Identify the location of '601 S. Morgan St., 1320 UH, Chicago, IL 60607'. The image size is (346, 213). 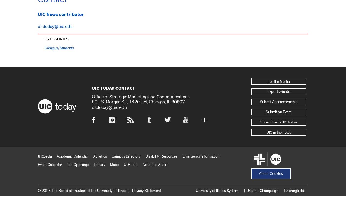
(138, 101).